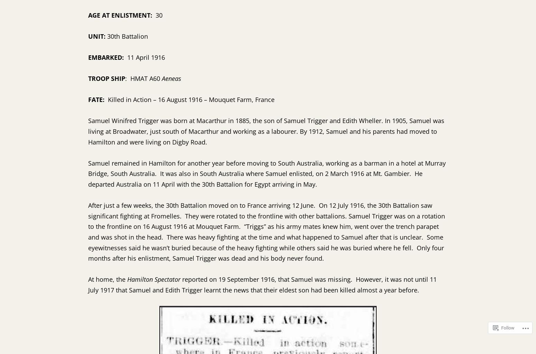  Describe the element at coordinates (88, 173) in the screenshot. I see `'Samuel remained in Hamilton for another year before moving to South Australia, working as a barman in a hotel at Murray Bridge, South Australia.  It was also in South Australia where Samuel enlisted, on 2 March 1916 at Mt. Gambier.  He departed Australia on 11 April with the 30th Battalion for Egypt arriving in May.'` at that location.